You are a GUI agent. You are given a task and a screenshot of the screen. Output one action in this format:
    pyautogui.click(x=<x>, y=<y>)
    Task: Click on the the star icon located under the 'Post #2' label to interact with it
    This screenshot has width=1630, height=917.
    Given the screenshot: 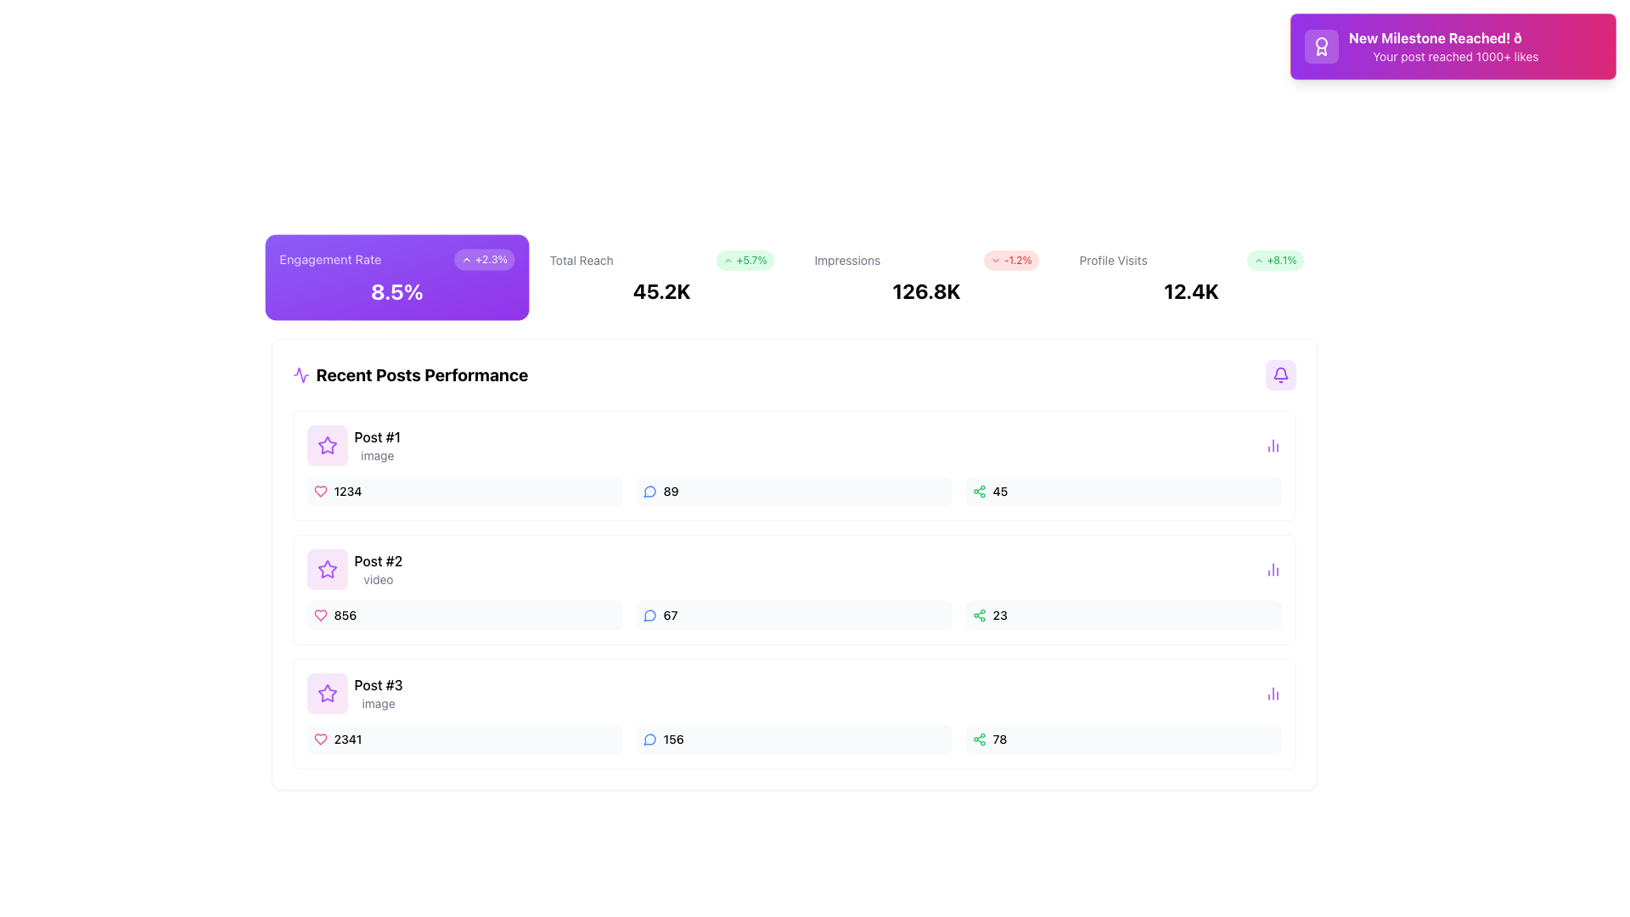 What is the action you would take?
    pyautogui.click(x=327, y=444)
    